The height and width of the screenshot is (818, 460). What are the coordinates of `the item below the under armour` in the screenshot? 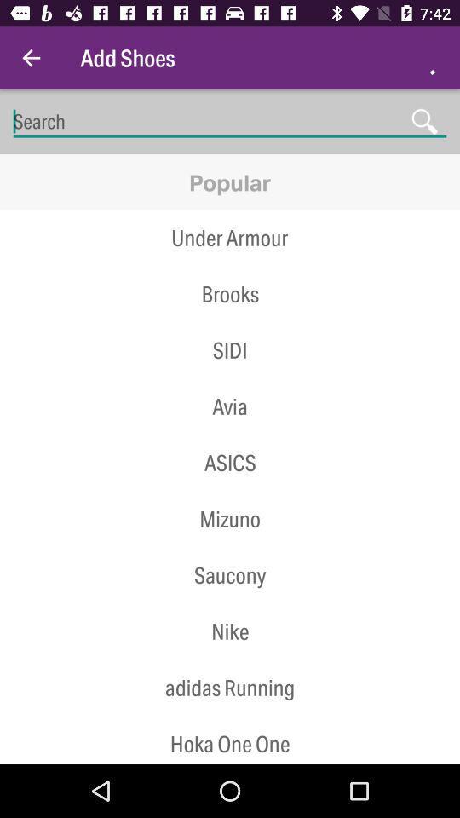 It's located at (230, 294).